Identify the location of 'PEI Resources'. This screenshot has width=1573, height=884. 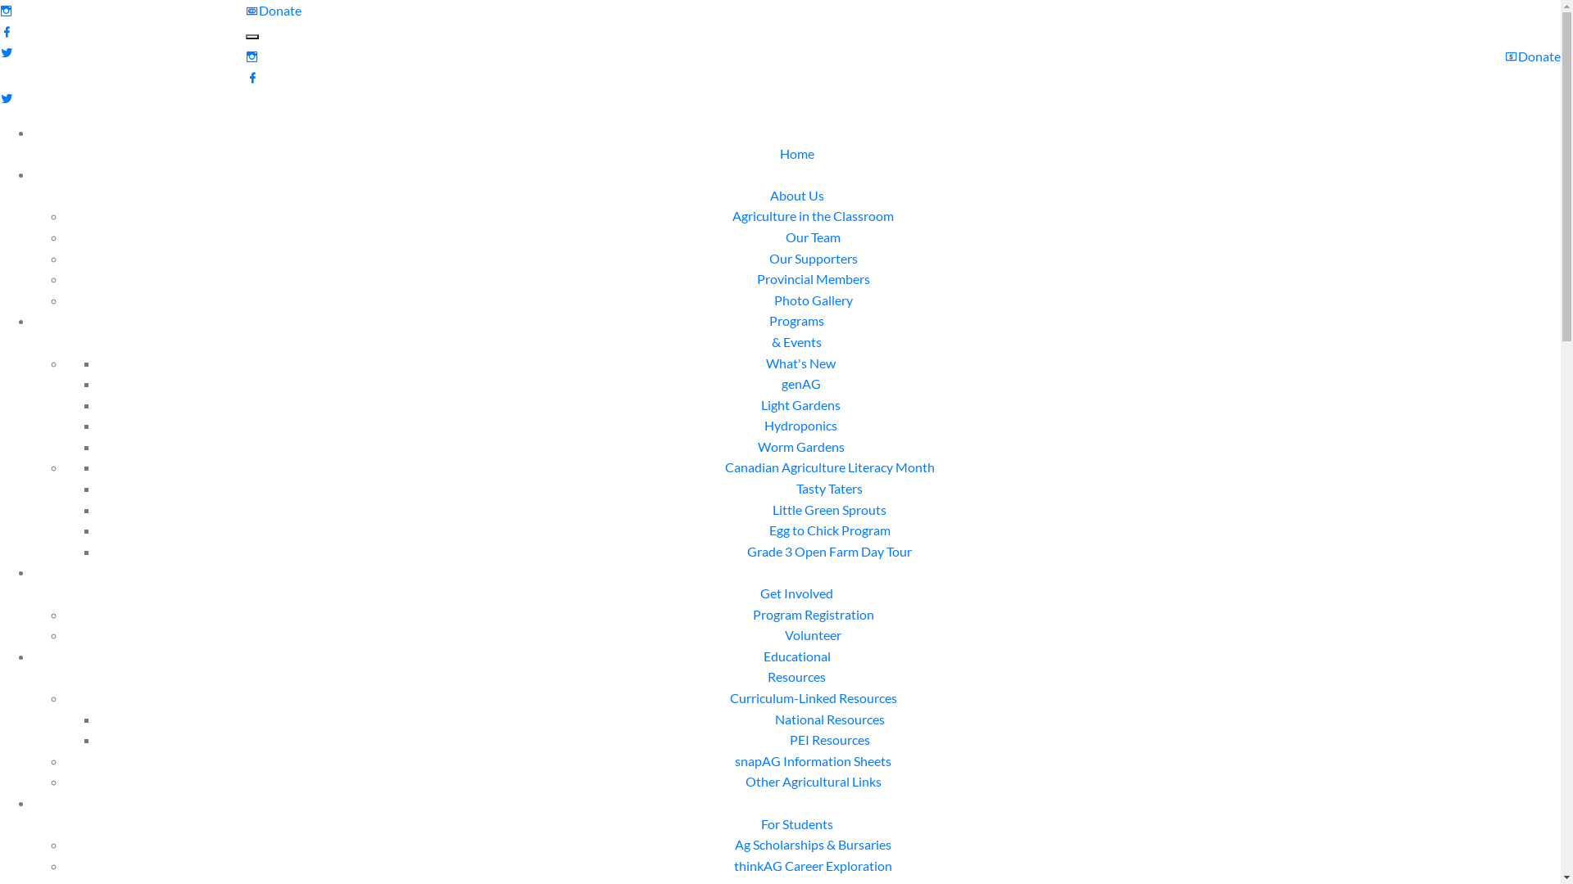
(829, 739).